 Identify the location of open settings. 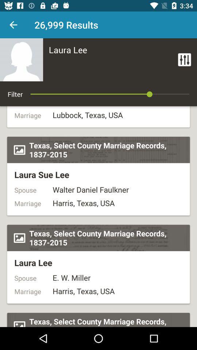
(184, 59).